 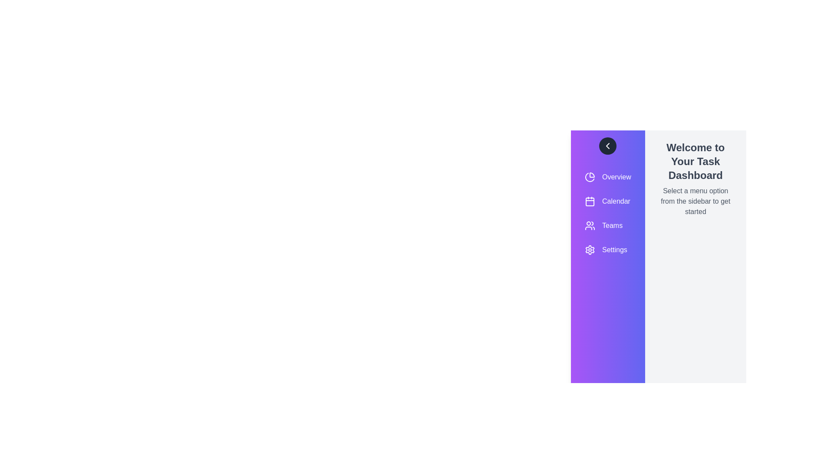 What do you see at coordinates (607, 201) in the screenshot?
I see `the menu item labeled Calendar` at bounding box center [607, 201].